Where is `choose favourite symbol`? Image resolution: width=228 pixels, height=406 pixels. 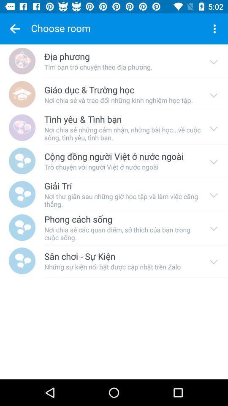
choose favourite symbol is located at coordinates (15, 29).